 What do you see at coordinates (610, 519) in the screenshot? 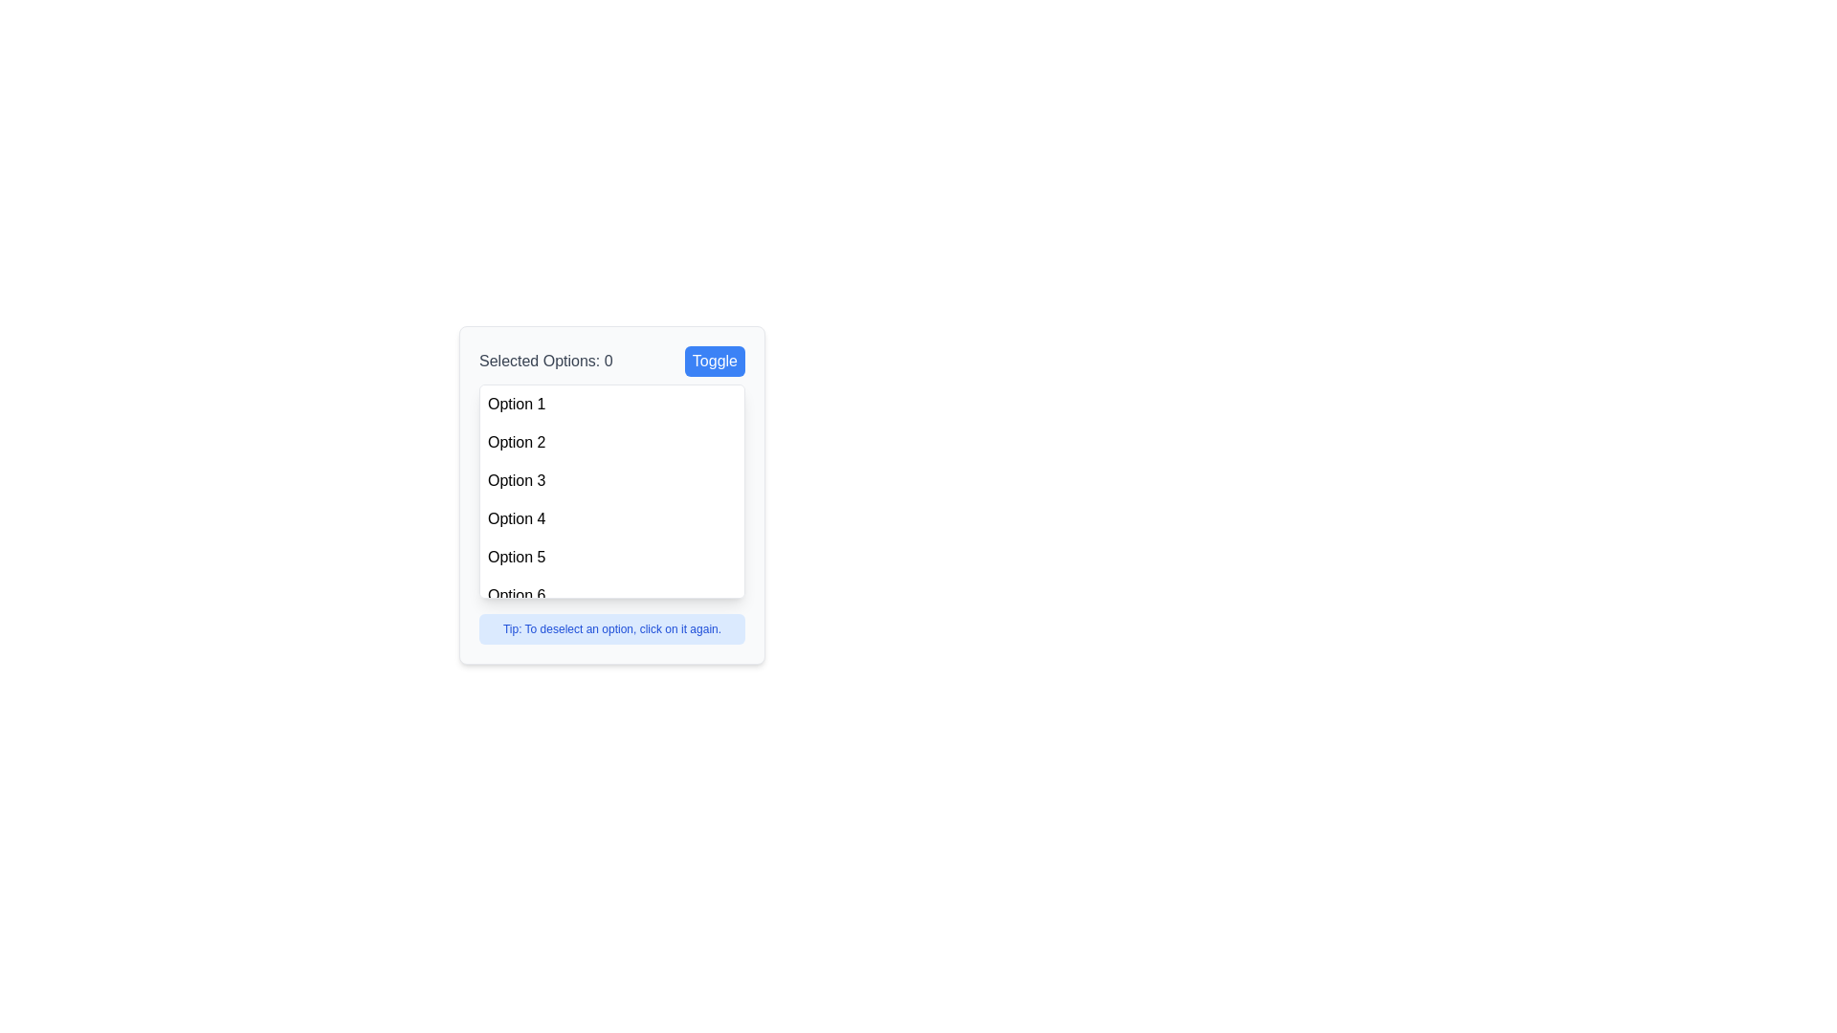
I see `the List item labeled 'Option 4' in the dropdown component to change its background color` at bounding box center [610, 519].